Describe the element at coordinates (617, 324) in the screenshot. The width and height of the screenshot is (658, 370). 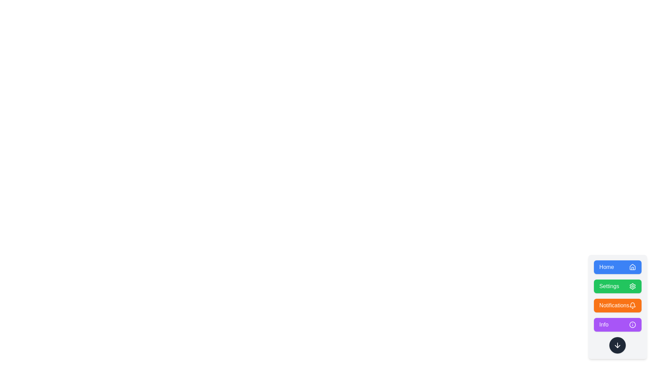
I see `the button labeled Info to observe the scale animation effect` at that location.